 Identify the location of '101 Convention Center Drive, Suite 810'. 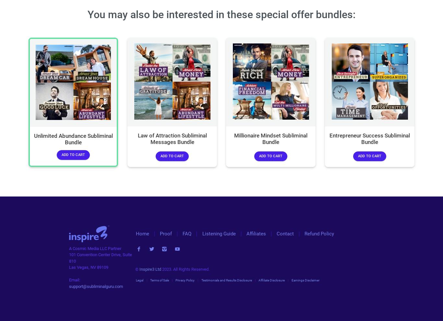
(100, 257).